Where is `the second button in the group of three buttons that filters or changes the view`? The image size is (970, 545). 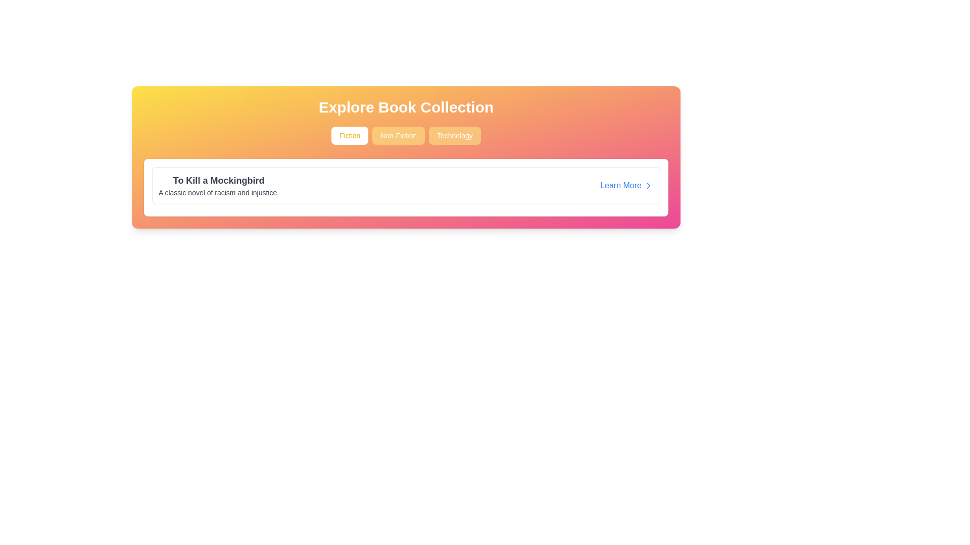
the second button in the group of three buttons that filters or changes the view is located at coordinates (398, 135).